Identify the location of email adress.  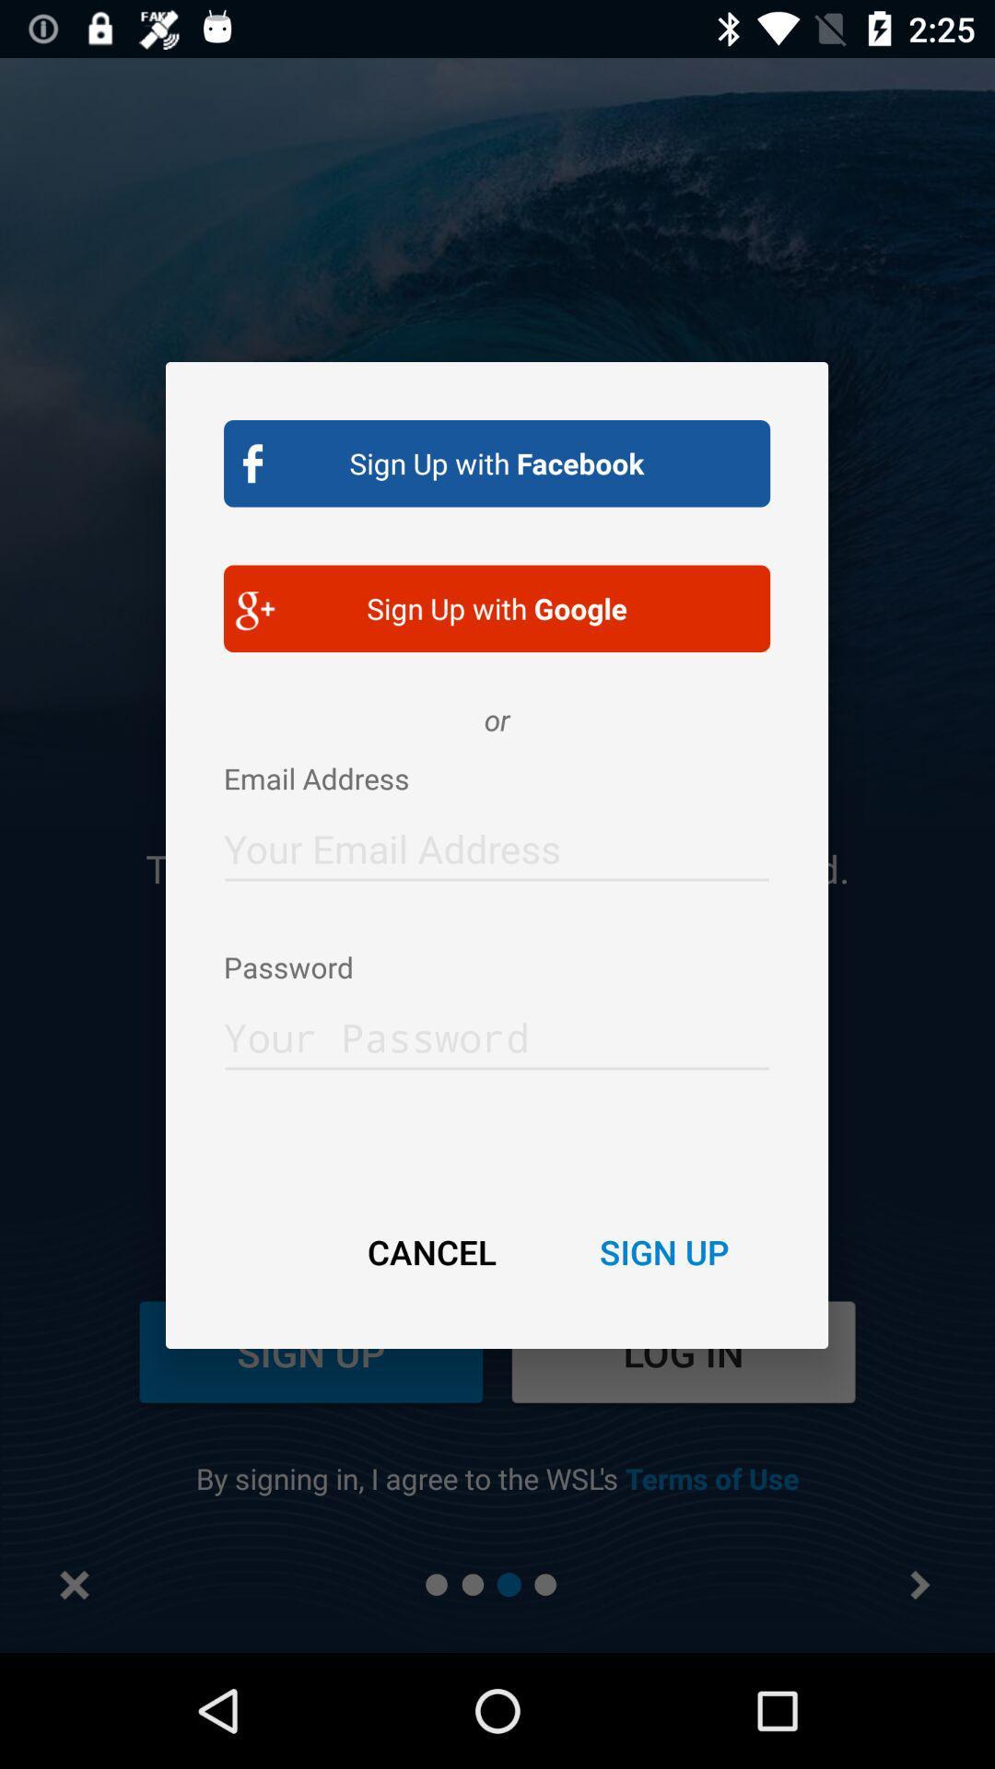
(496, 842).